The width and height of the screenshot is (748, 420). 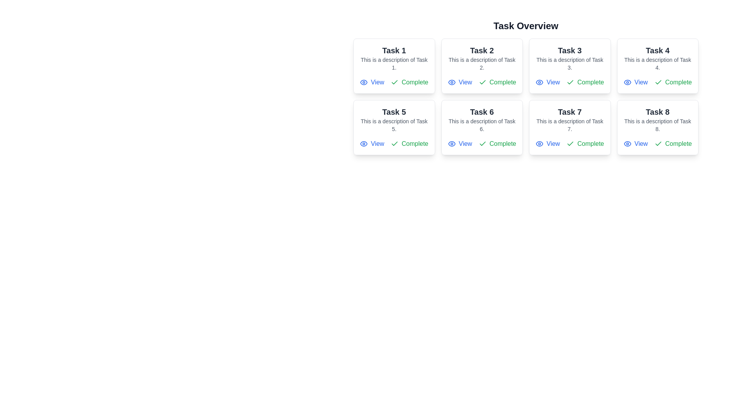 What do you see at coordinates (627, 82) in the screenshot?
I see `the 'View' icon located in the top-right corner of the fourth task card, positioned to the left of the clickable text 'View'` at bounding box center [627, 82].